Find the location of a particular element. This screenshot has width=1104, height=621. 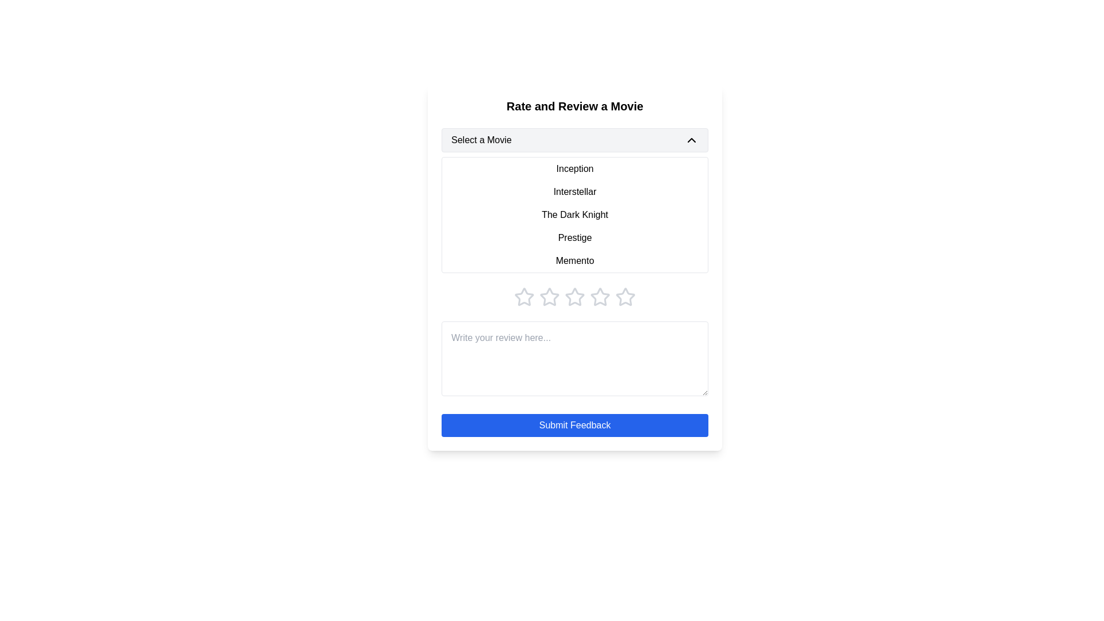

the third item in the movie list, which is located between 'Interstellar' and 'Prestige' is located at coordinates (574, 215).